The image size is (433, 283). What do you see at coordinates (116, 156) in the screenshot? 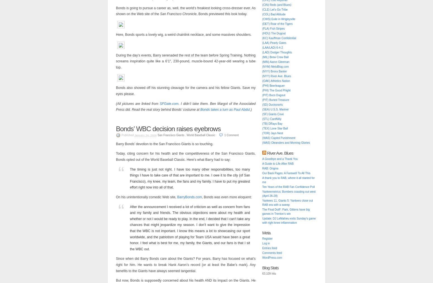
I see `'Today, citing concern for his health and the competitiveness of the San Francisco Giants, Bonds opted out of the World Baseball Classic. Here’s what Barry had to say:'` at bounding box center [116, 156].